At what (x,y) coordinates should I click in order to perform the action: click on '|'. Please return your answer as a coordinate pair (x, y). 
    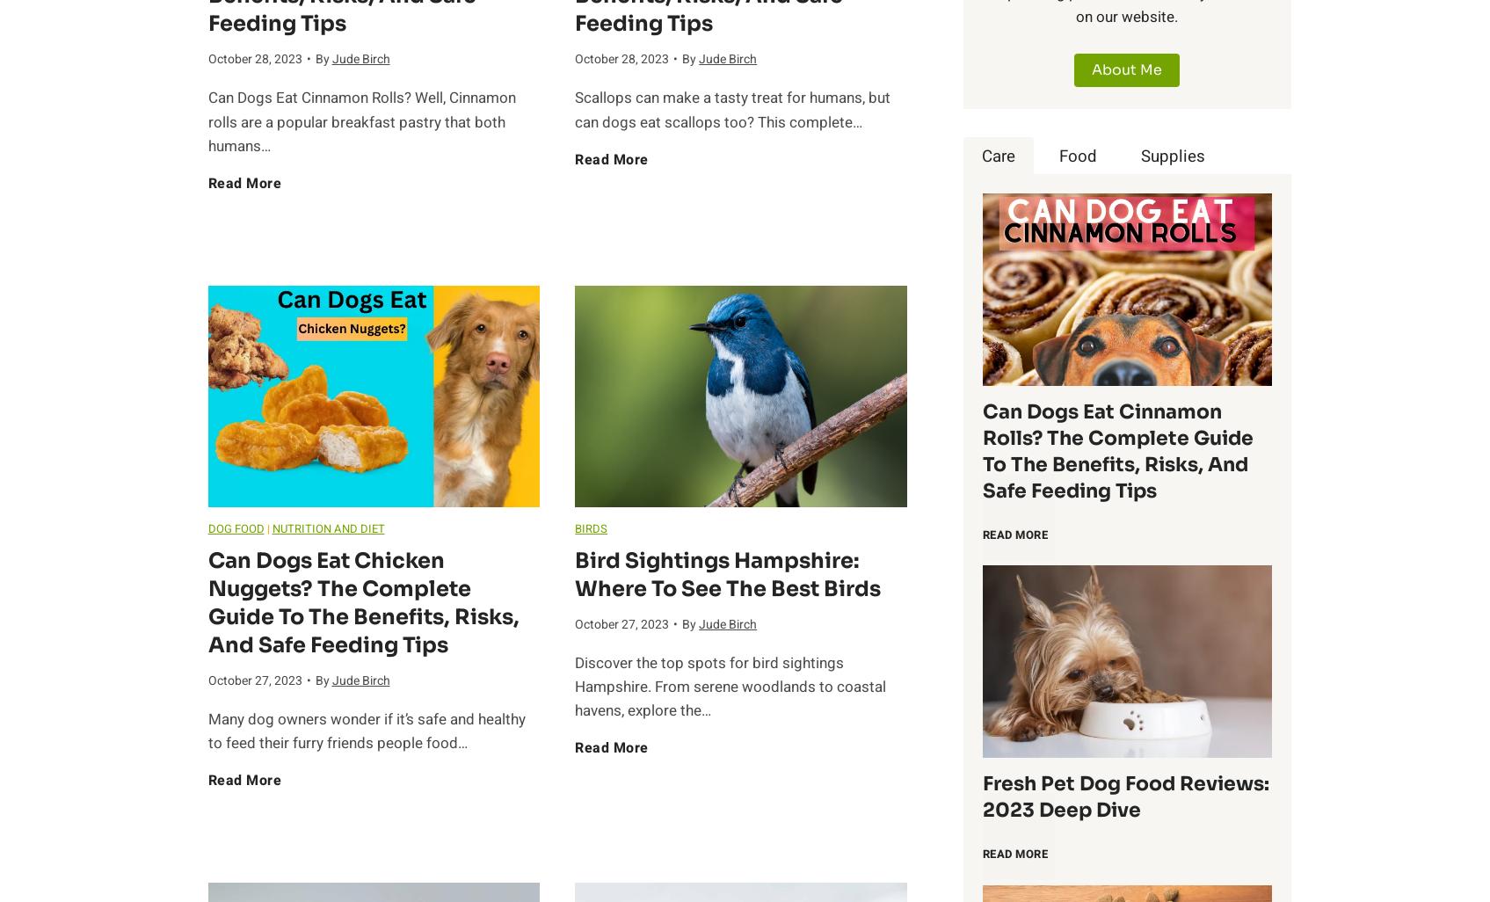
    Looking at the image, I should click on (267, 527).